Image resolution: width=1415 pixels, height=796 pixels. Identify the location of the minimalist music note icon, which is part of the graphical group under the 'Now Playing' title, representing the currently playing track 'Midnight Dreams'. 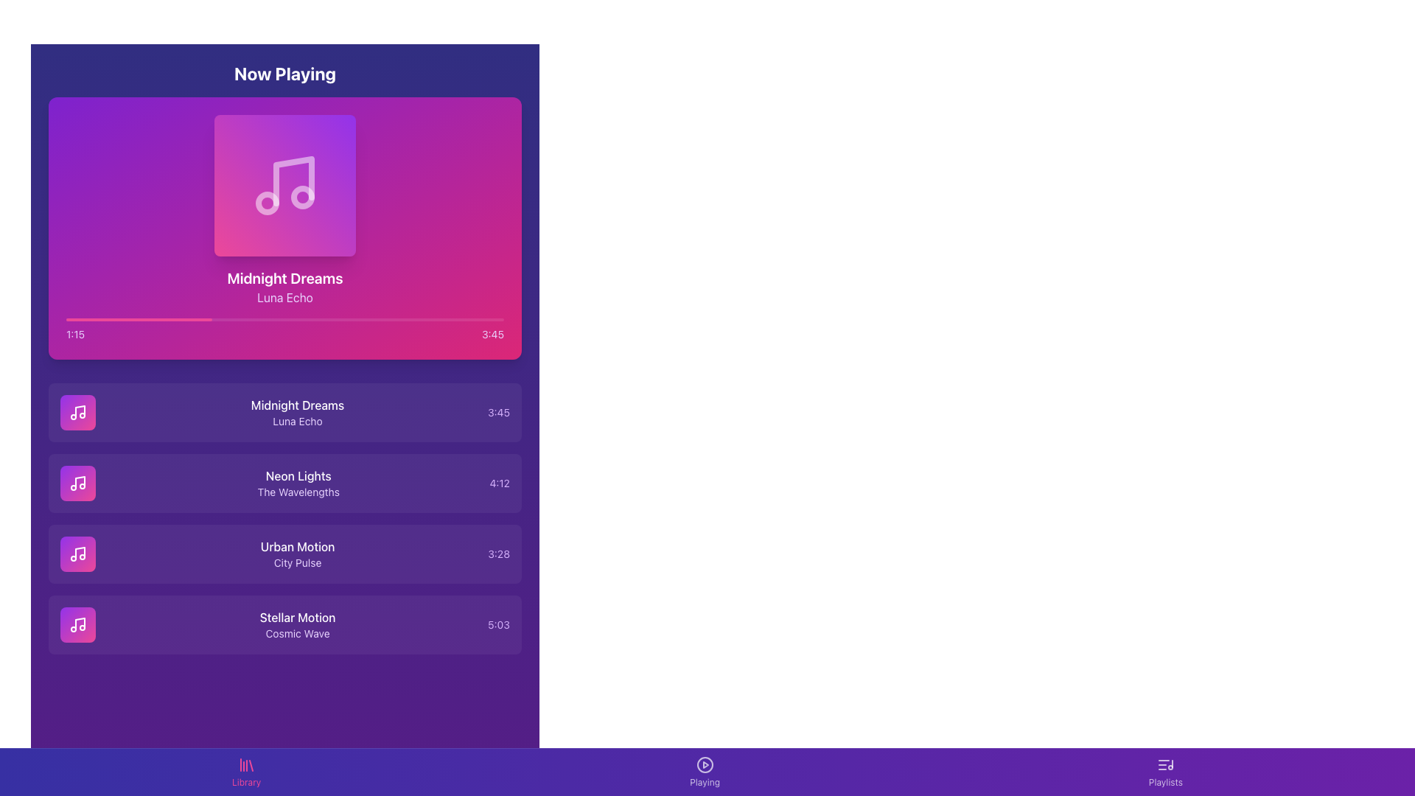
(80, 411).